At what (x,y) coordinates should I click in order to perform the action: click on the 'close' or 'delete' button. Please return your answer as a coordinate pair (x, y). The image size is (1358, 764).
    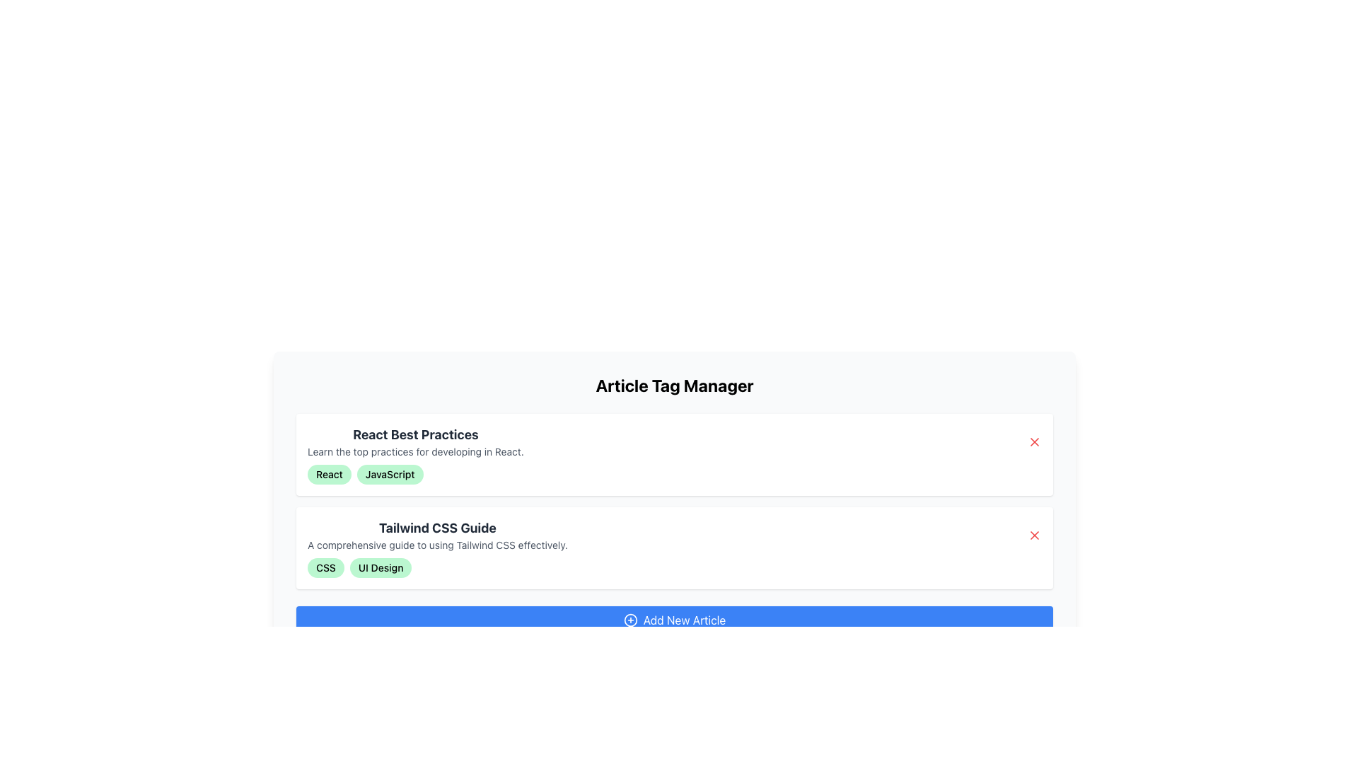
    Looking at the image, I should click on (1035, 535).